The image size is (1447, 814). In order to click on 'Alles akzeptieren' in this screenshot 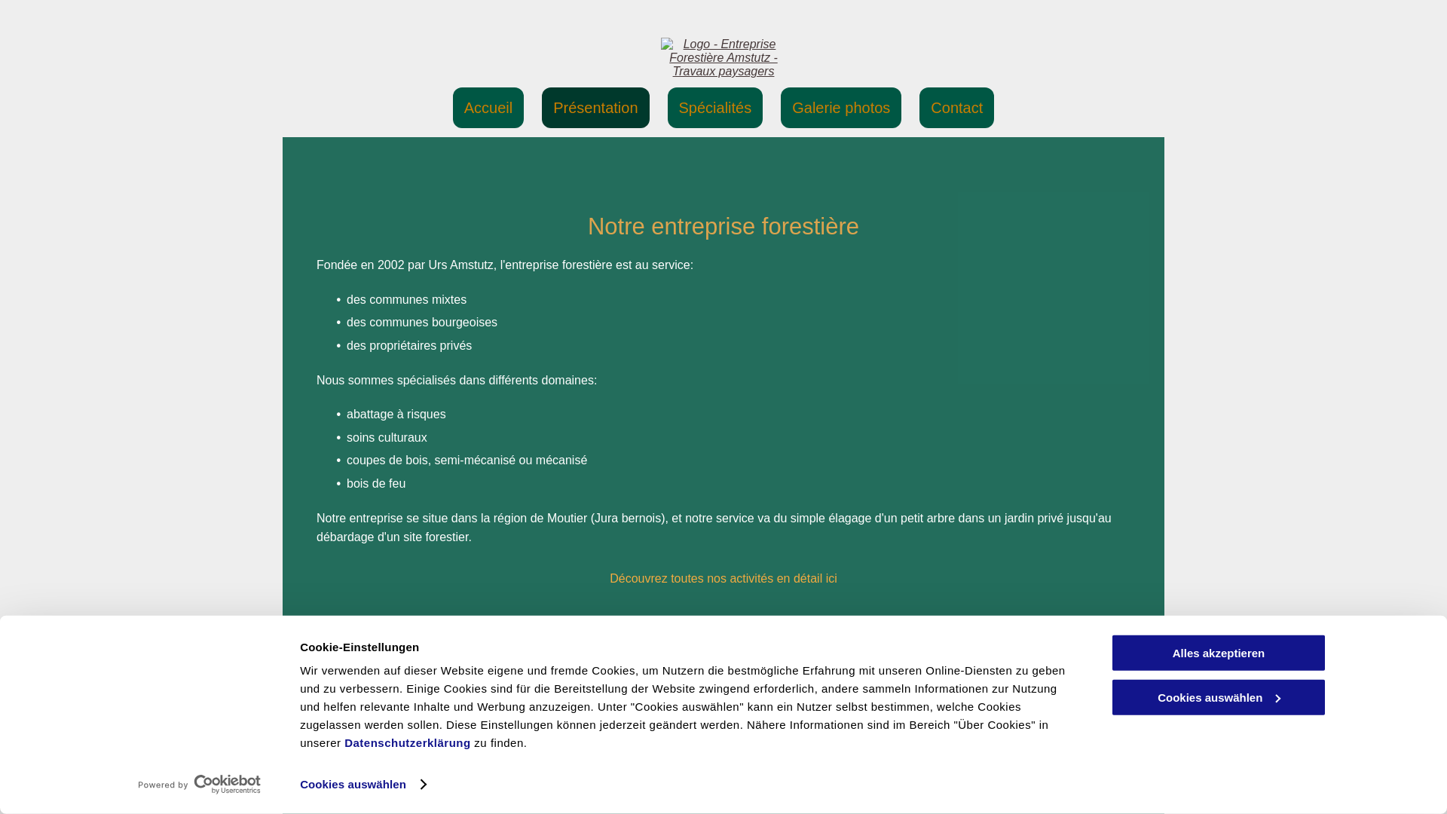, I will do `click(1219, 652)`.